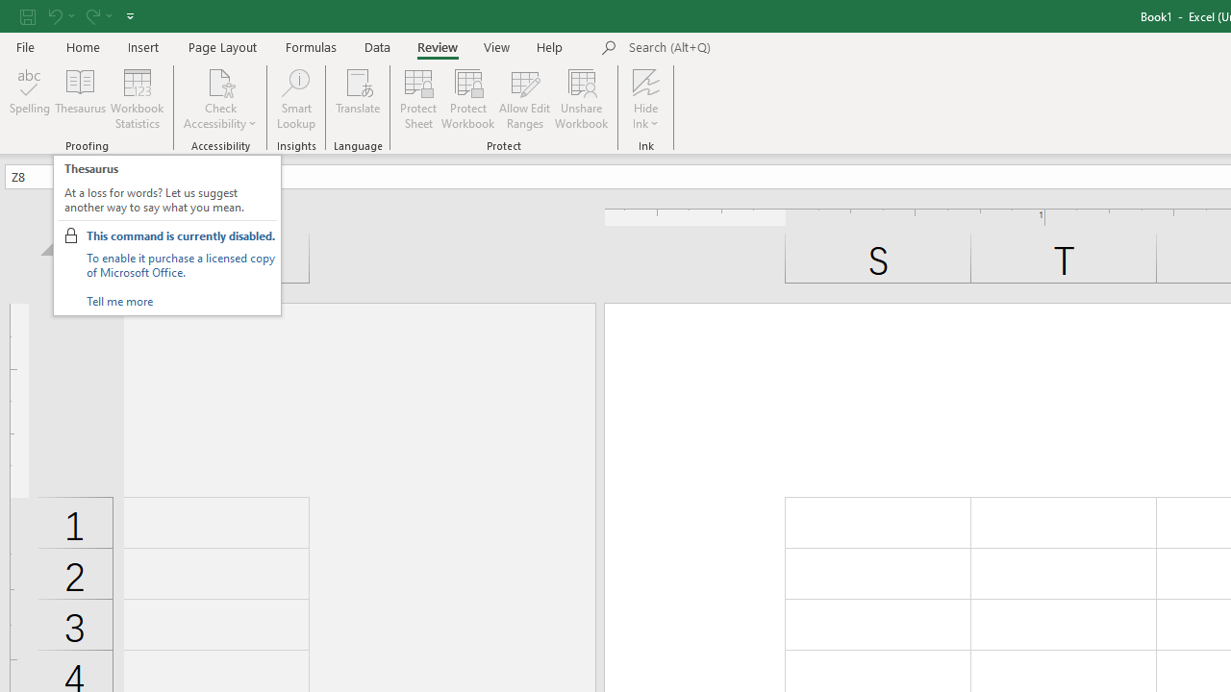 This screenshot has height=692, width=1231. I want to click on 'Protect Sheet...', so click(417, 99).